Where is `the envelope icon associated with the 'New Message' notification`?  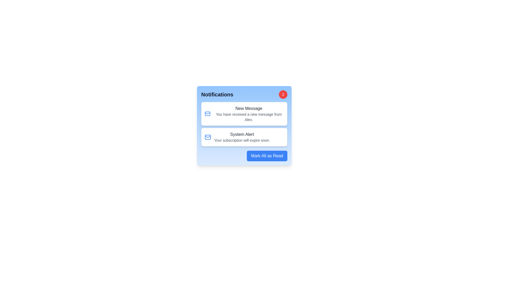
the envelope icon associated with the 'New Message' notification is located at coordinates (207, 113).